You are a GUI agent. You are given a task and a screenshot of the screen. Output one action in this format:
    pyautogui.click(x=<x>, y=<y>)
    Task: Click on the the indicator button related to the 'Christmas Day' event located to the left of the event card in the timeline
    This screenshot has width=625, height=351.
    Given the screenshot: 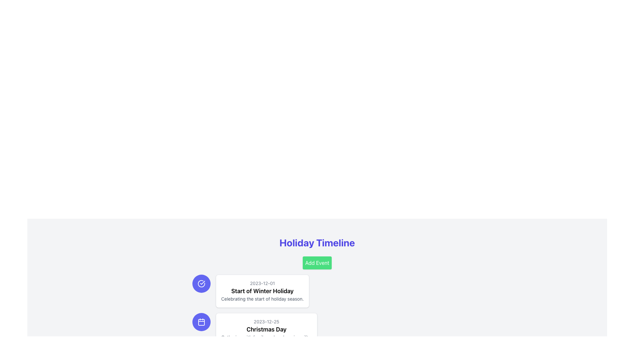 What is the action you would take?
    pyautogui.click(x=201, y=322)
    